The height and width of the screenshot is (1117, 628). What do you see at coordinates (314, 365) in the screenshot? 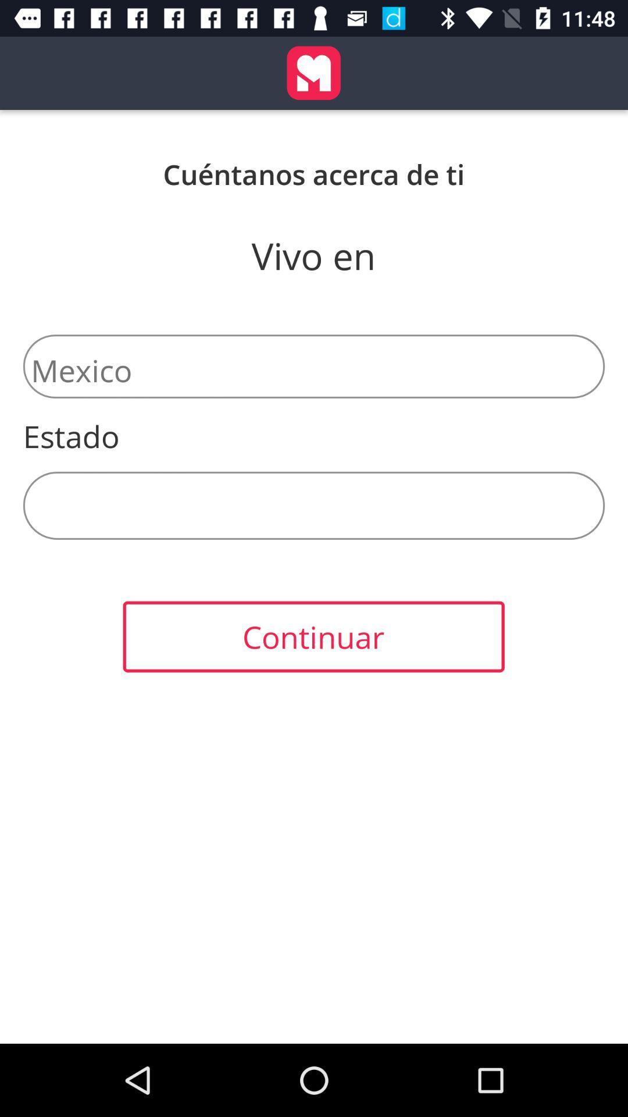
I see `the mexico item` at bounding box center [314, 365].